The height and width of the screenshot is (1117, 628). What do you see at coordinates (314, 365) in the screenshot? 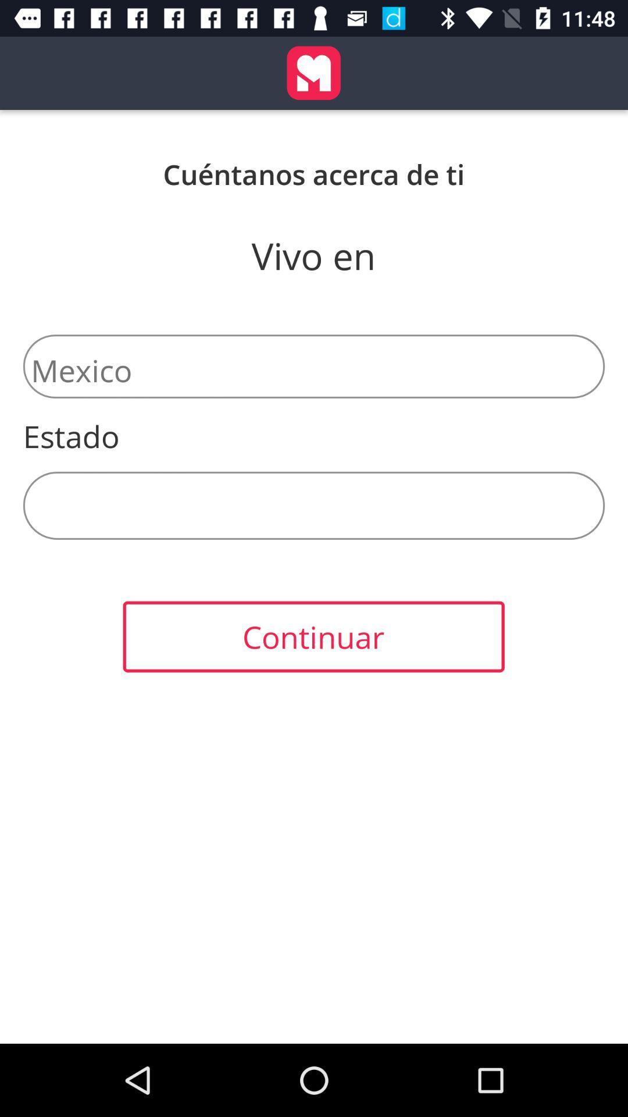
I see `the mexico item` at bounding box center [314, 365].